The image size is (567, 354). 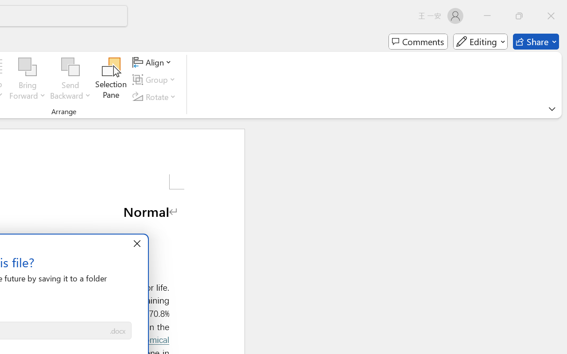 I want to click on 'Save as type', so click(x=117, y=331).